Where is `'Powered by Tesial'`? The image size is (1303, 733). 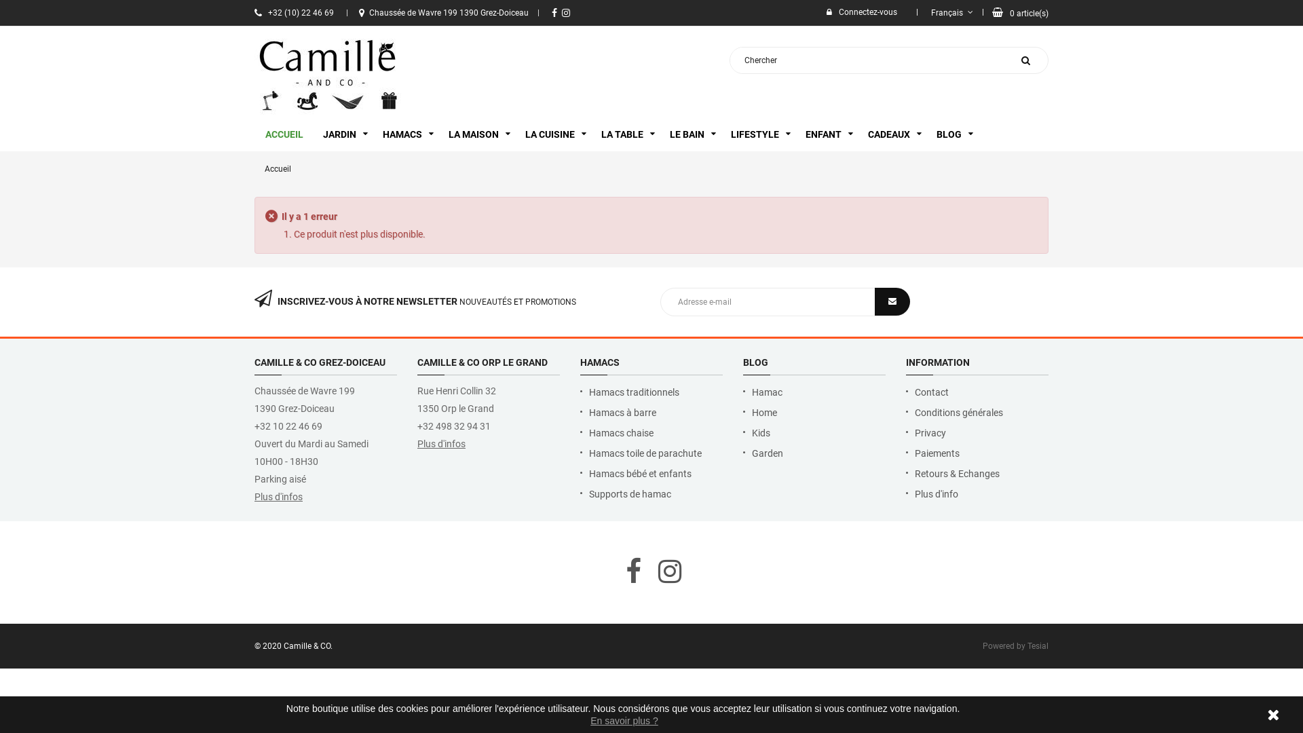 'Powered by Tesial' is located at coordinates (1015, 645).